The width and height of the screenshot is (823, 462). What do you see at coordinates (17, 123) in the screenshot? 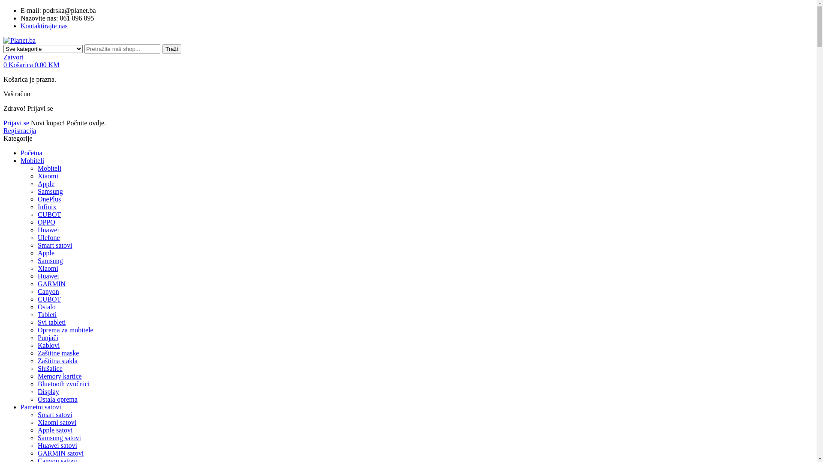
I see `'Prijavi se'` at bounding box center [17, 123].